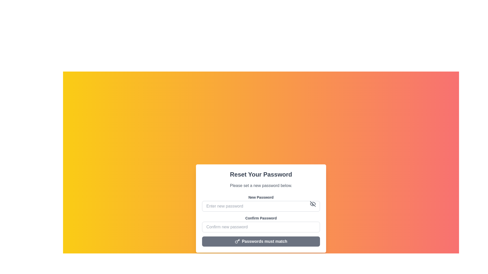 The height and width of the screenshot is (274, 488). Describe the element at coordinates (261, 224) in the screenshot. I see `the Password input field in the 'Reset Your Password' modal to observe potential interactive effects` at that location.